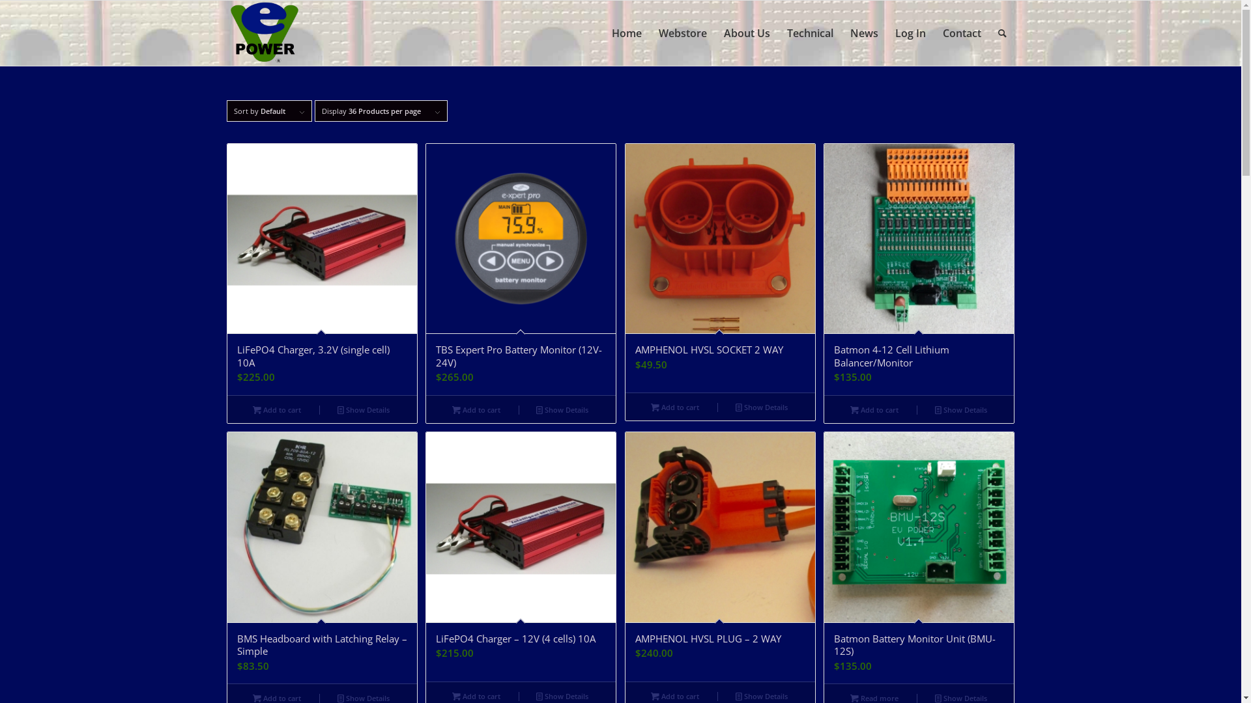 The height and width of the screenshot is (703, 1251). What do you see at coordinates (934, 32) in the screenshot?
I see `'Contact'` at bounding box center [934, 32].